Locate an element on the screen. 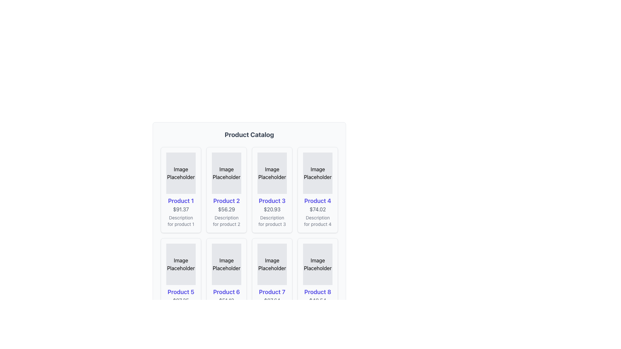 This screenshot has height=349, width=621. the Image Placeholder is located at coordinates (272, 264).